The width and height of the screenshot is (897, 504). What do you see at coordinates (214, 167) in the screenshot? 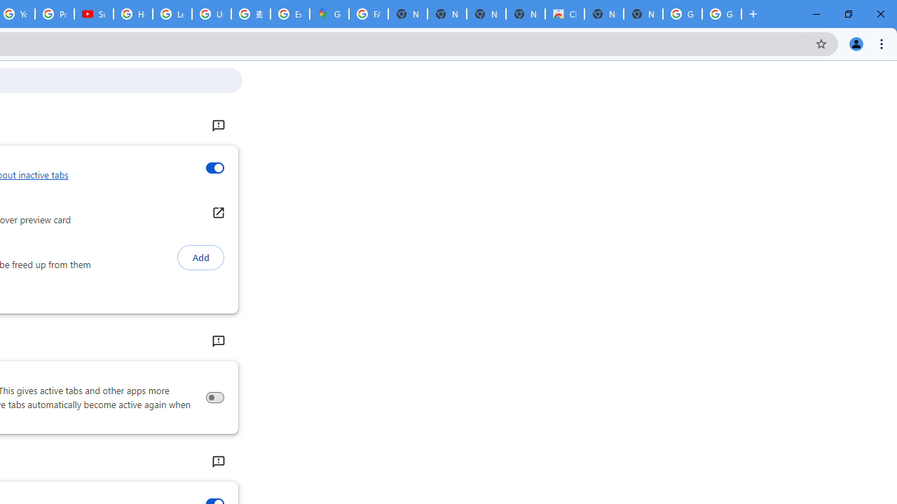
I see `'Inactive tabs appearance'` at bounding box center [214, 167].